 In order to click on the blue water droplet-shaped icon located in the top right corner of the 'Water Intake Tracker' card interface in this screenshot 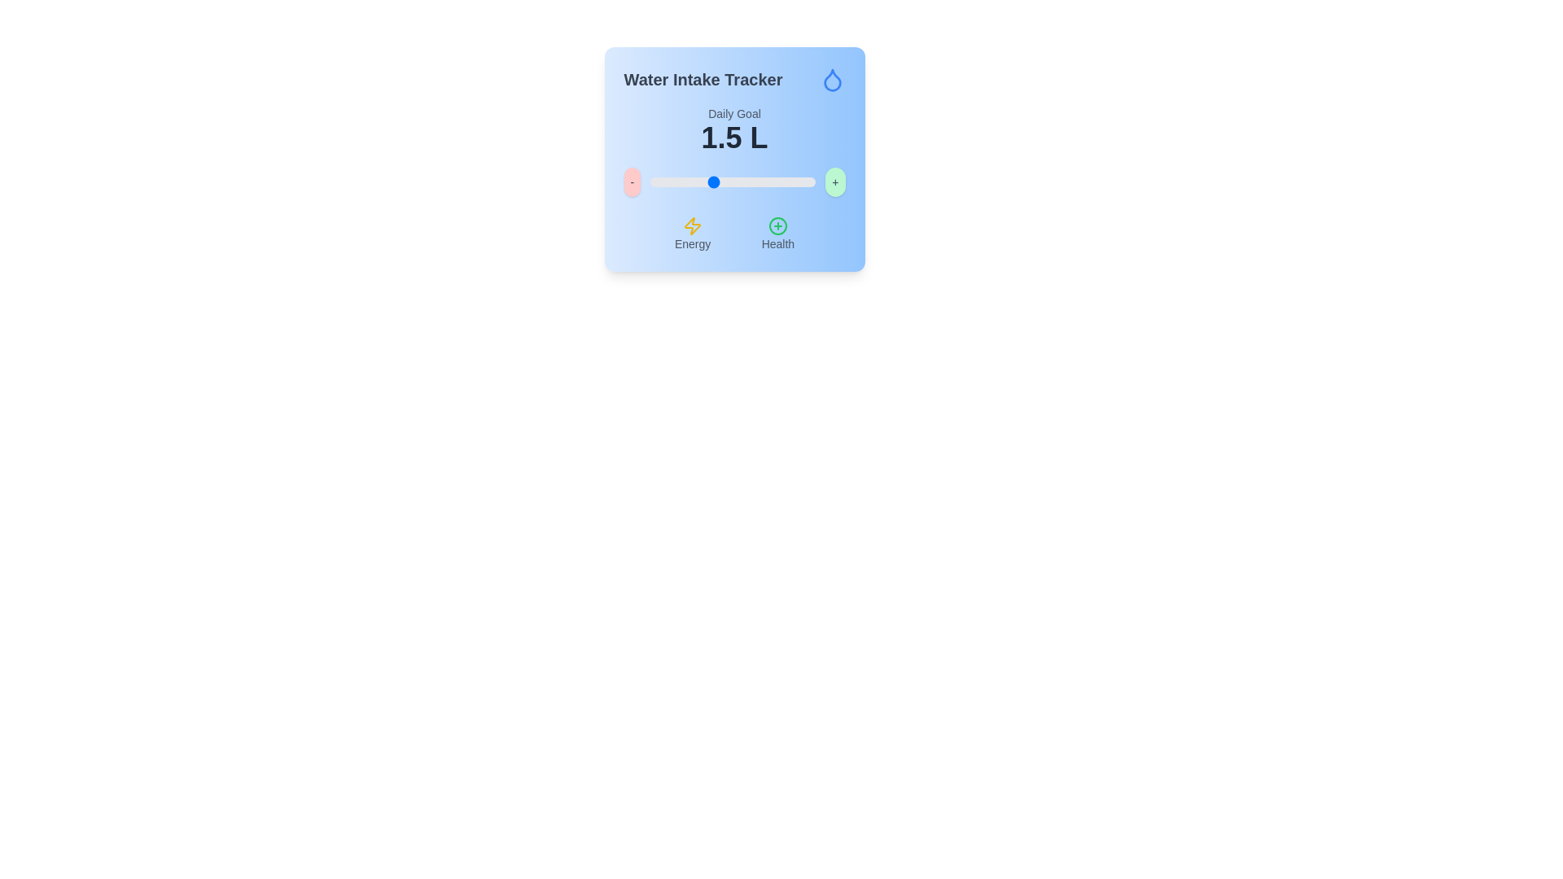, I will do `click(832, 80)`.